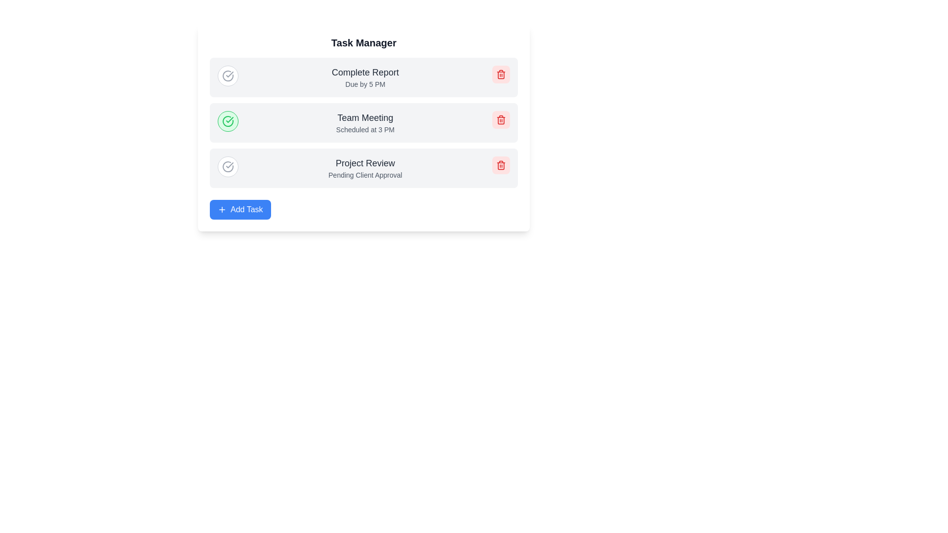 This screenshot has width=948, height=533. What do you see at coordinates (229, 74) in the screenshot?
I see `the graphical checkmark icon indicating the 'Team Meeting' task is scheduled or completed successfully by clicking on it` at bounding box center [229, 74].